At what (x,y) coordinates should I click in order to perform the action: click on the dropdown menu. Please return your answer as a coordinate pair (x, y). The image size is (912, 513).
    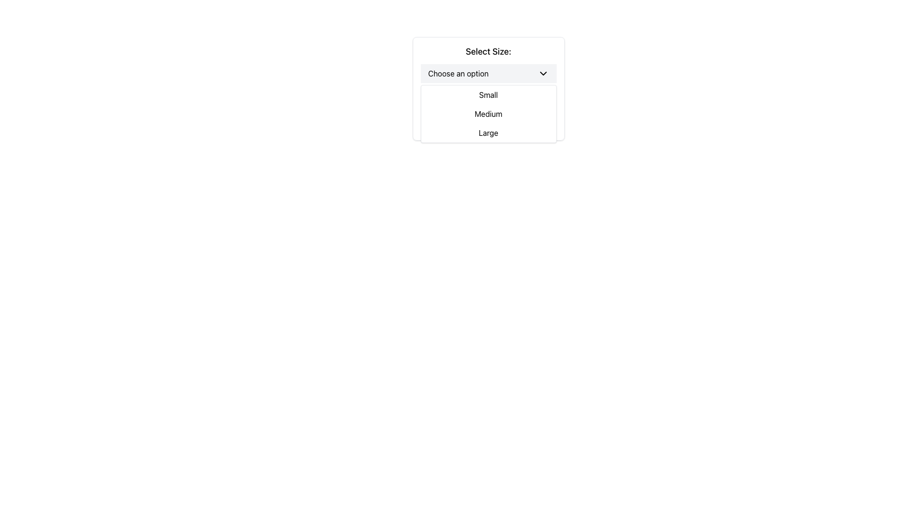
    Looking at the image, I should click on (488, 113).